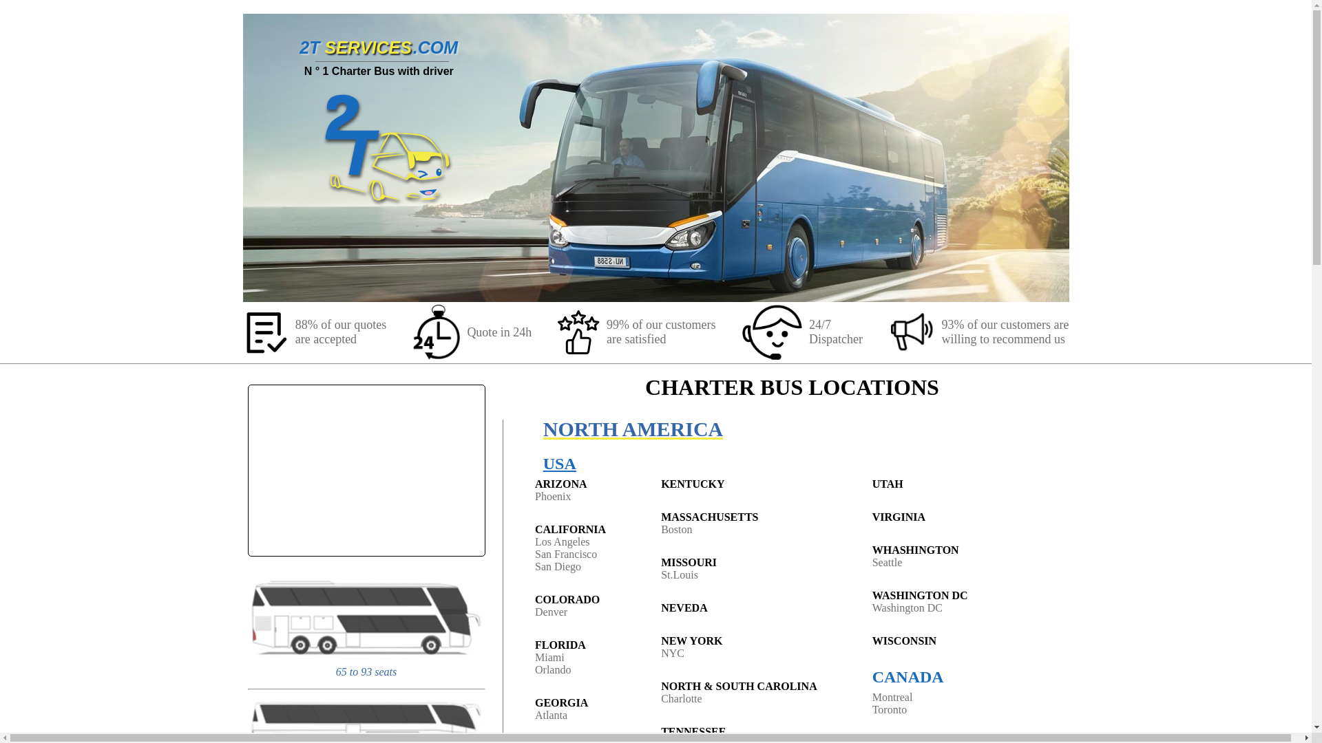  Describe the element at coordinates (661, 698) in the screenshot. I see `'Charlotte'` at that location.